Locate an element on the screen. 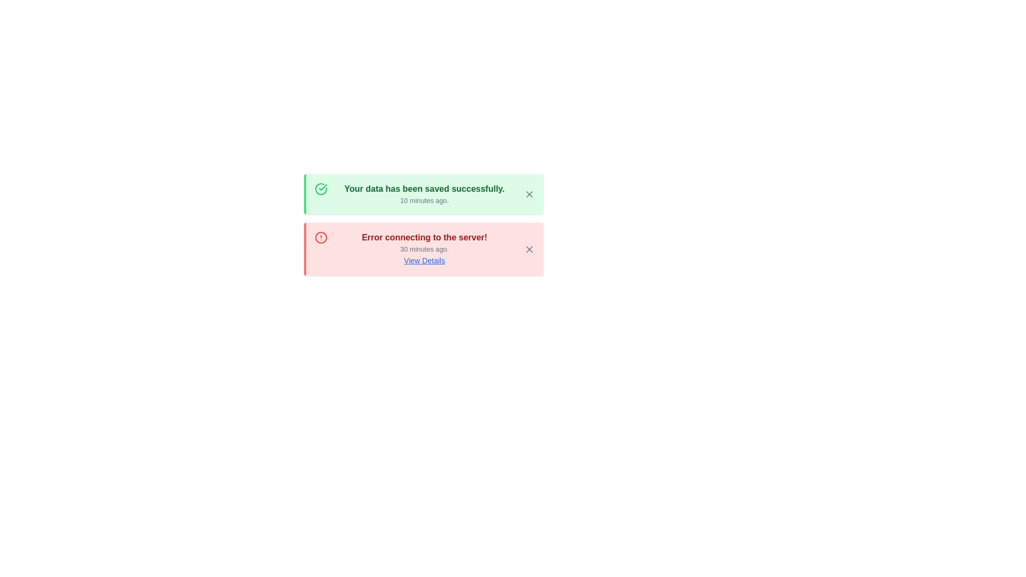 This screenshot has height=577, width=1026. the intersection of the lines of the close button (X) located in the top-right corner of the red notification card titled 'Error connecting to the server!' is located at coordinates (529, 249).